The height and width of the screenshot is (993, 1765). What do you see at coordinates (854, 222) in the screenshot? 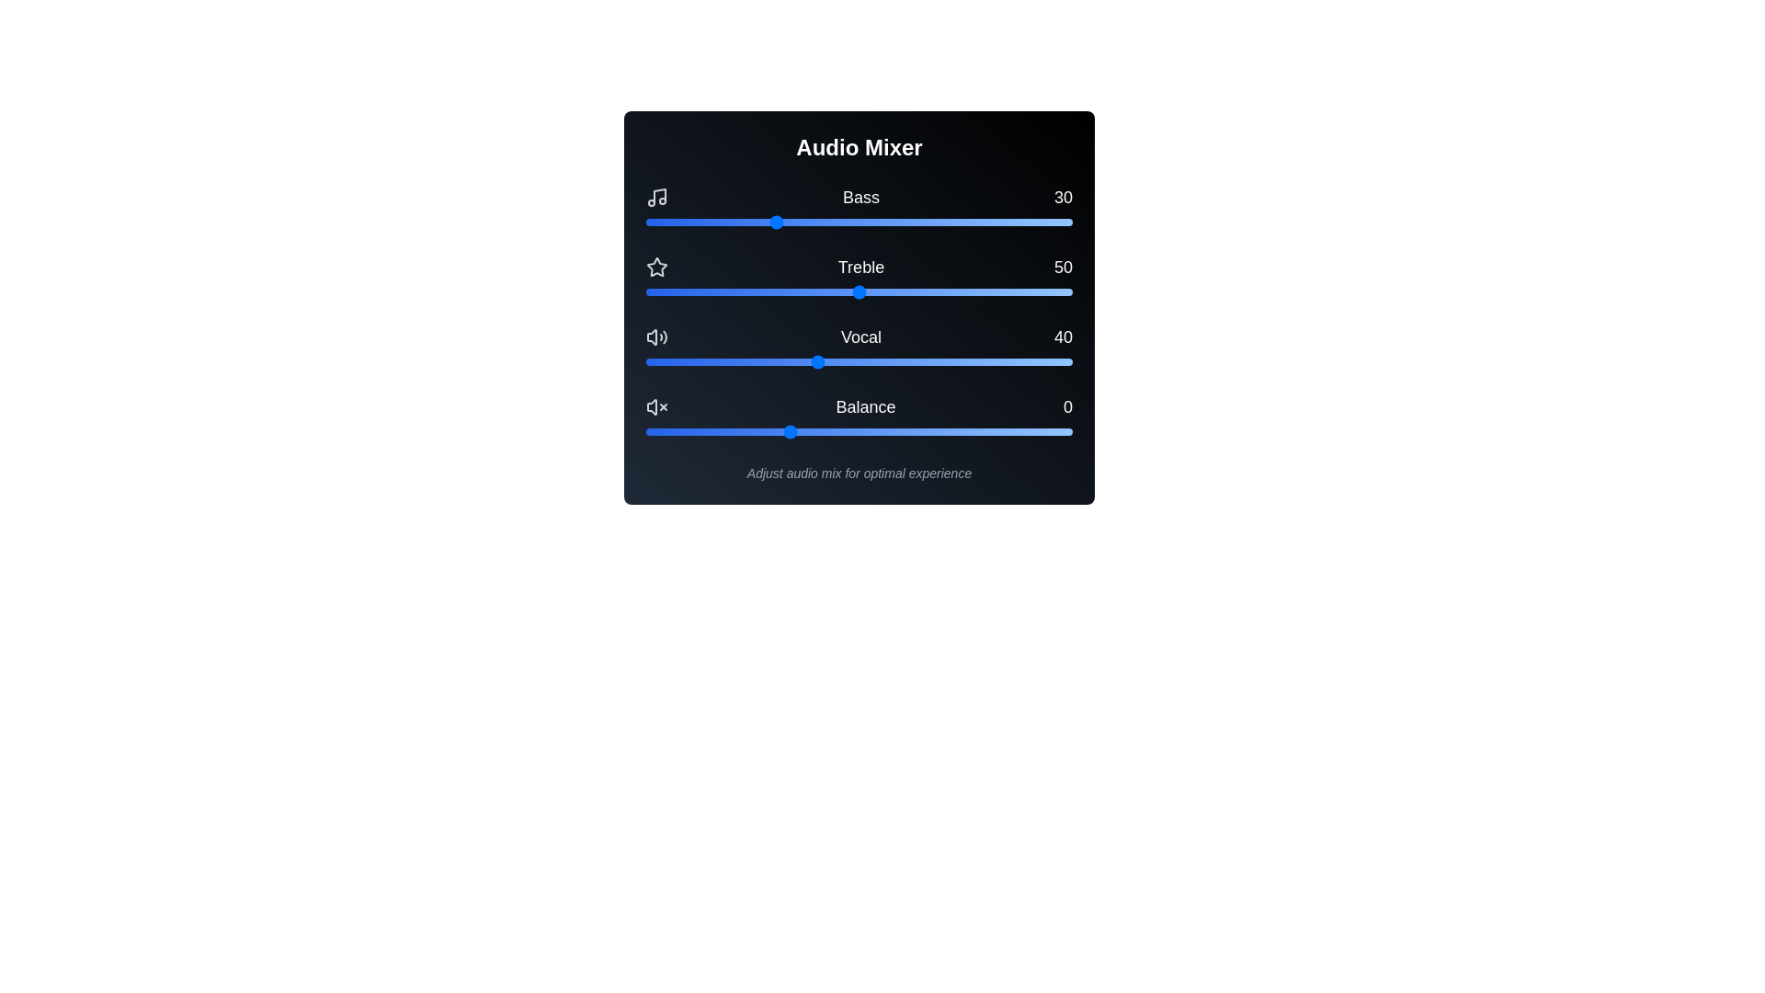
I see `the bass slider to 49 by dragging it to the desired position` at bounding box center [854, 222].